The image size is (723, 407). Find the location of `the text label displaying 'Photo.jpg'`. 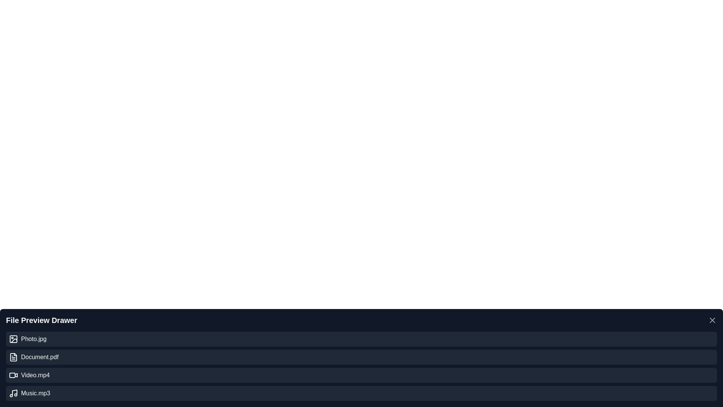

the text label displaying 'Photo.jpg' is located at coordinates (33, 338).